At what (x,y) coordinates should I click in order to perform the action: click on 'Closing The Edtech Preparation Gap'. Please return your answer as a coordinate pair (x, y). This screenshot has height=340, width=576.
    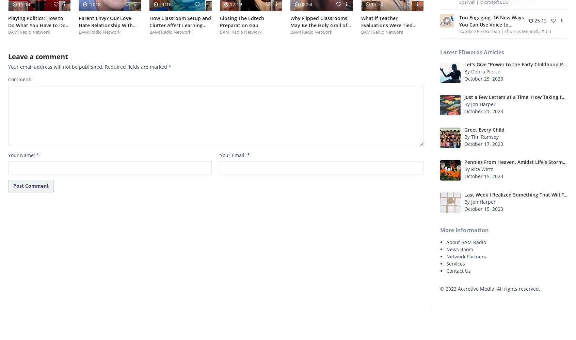
    Looking at the image, I should click on (219, 21).